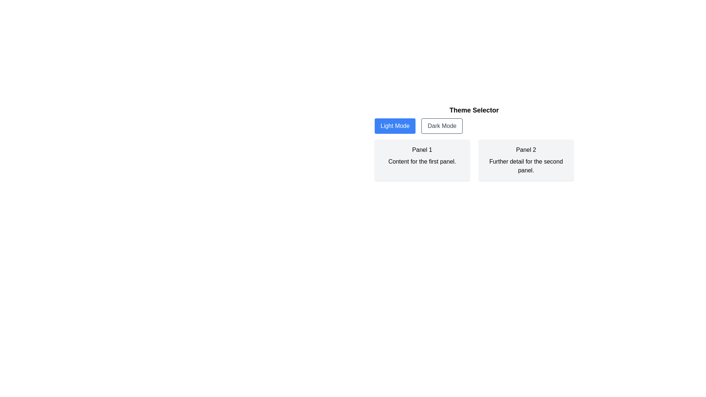 Image resolution: width=706 pixels, height=397 pixels. Describe the element at coordinates (525, 166) in the screenshot. I see `additional textual content located in 'Panel 2', which is centered below the panel's title` at that location.